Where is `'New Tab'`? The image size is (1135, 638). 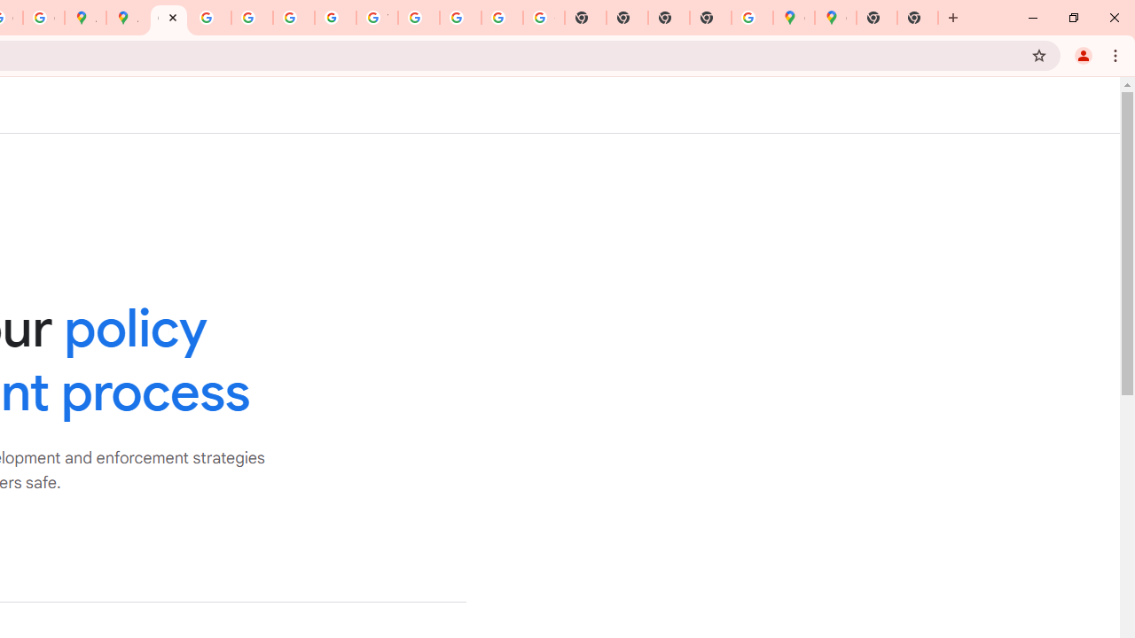
'New Tab' is located at coordinates (877, 18).